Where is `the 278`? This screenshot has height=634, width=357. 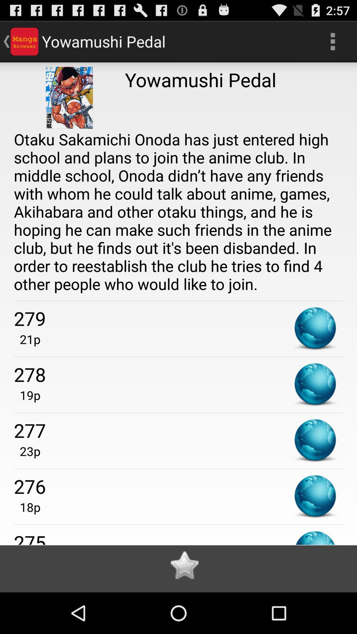
the 278 is located at coordinates (178, 374).